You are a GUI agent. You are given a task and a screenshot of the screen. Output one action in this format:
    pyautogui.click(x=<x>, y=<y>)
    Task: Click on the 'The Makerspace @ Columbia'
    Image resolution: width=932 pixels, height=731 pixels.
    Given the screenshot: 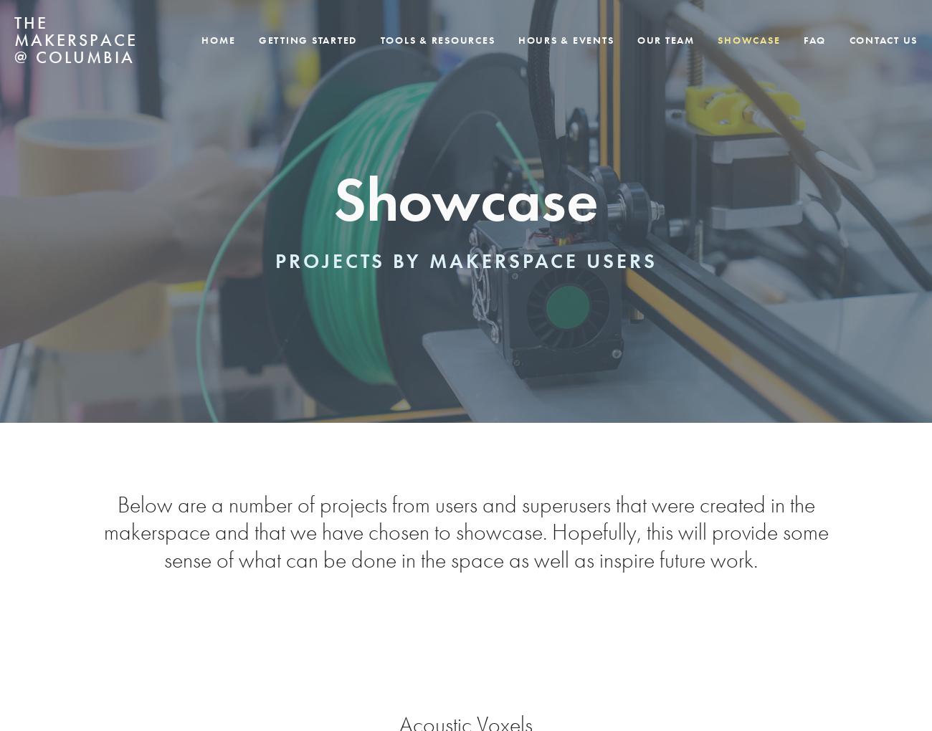 What is the action you would take?
    pyautogui.click(x=75, y=39)
    